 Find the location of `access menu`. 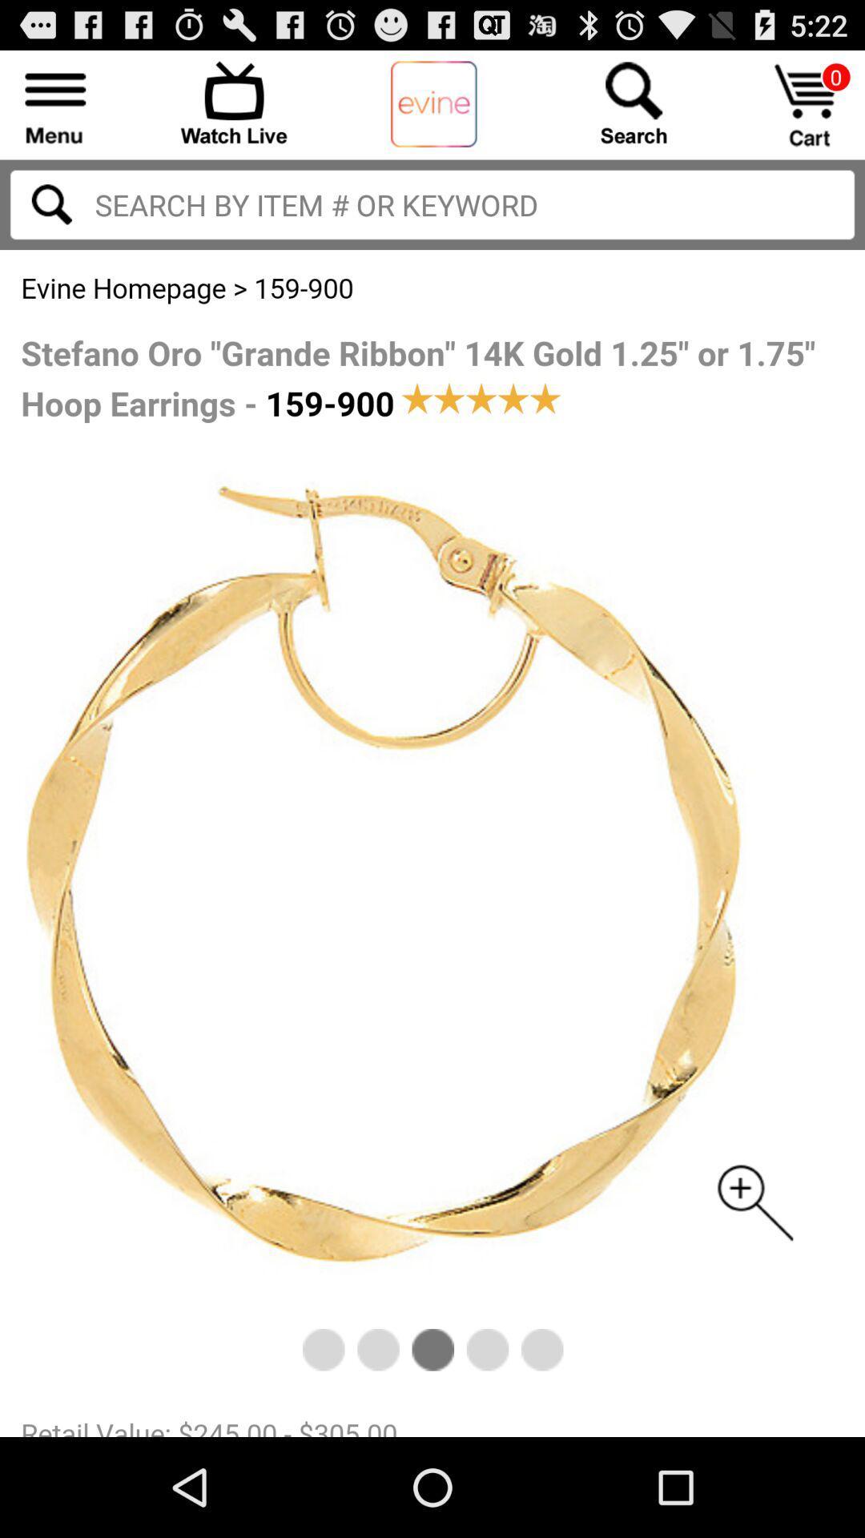

access menu is located at coordinates (54, 102).